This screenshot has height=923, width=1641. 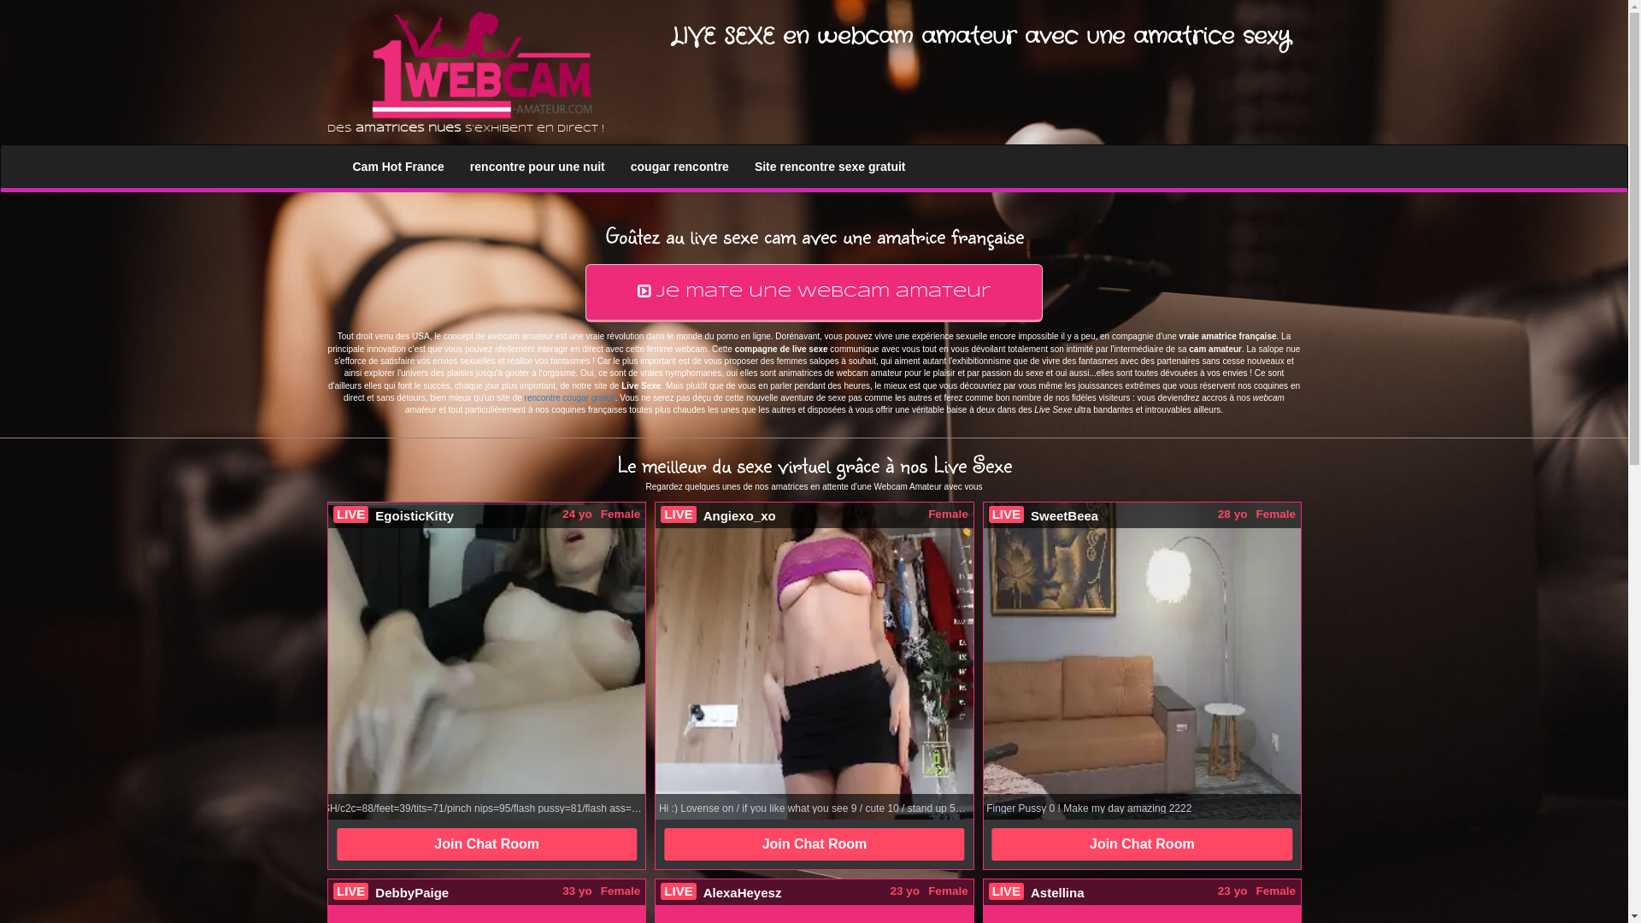 I want to click on 'Site rencontre sexe gratuit', so click(x=830, y=167).